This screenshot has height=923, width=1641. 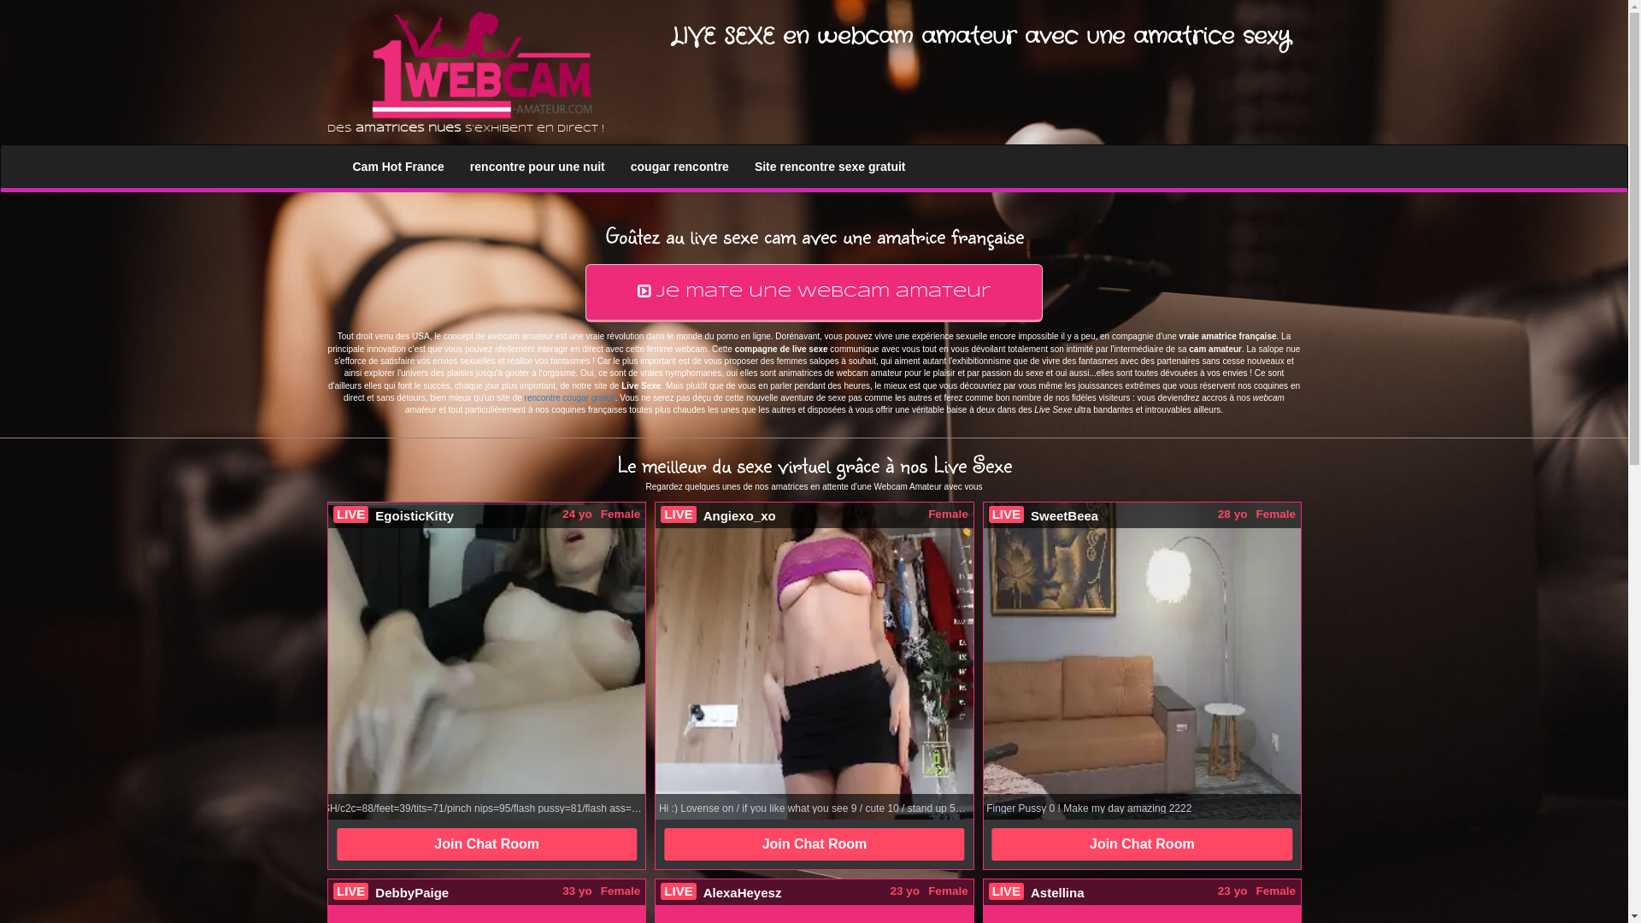 I want to click on 'Site rencontre sexe gratuit', so click(x=830, y=167).